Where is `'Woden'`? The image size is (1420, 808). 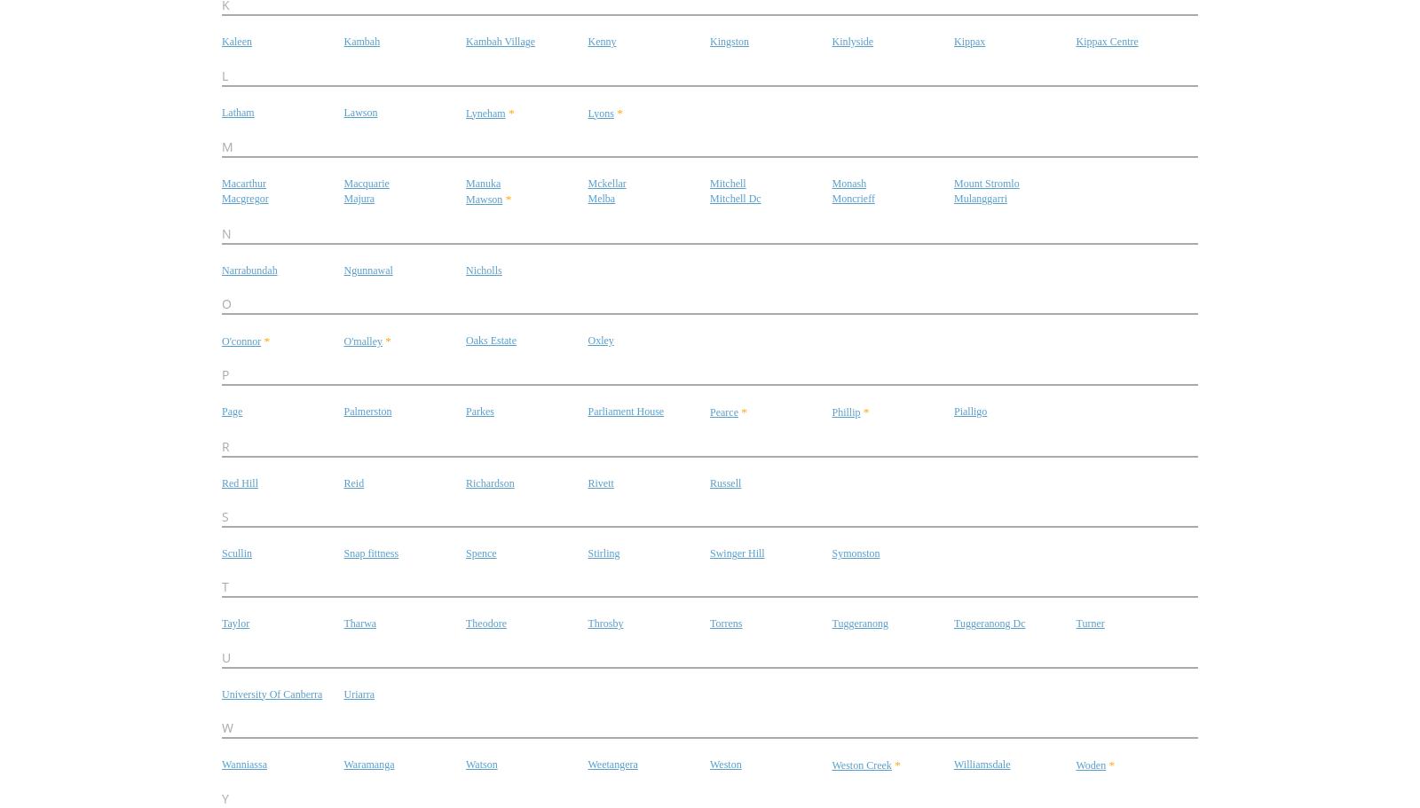
'Woden' is located at coordinates (1075, 764).